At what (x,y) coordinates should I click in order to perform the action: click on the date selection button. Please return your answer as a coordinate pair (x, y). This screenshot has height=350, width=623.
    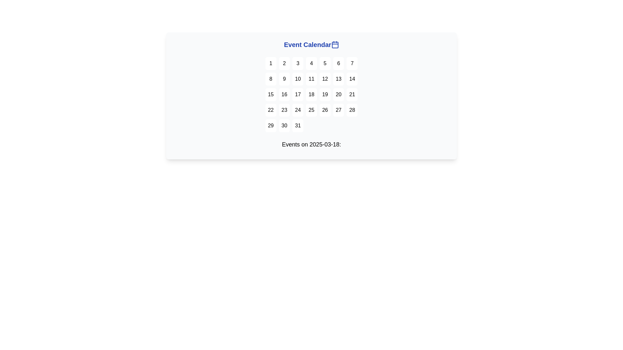
    Looking at the image, I should click on (311, 64).